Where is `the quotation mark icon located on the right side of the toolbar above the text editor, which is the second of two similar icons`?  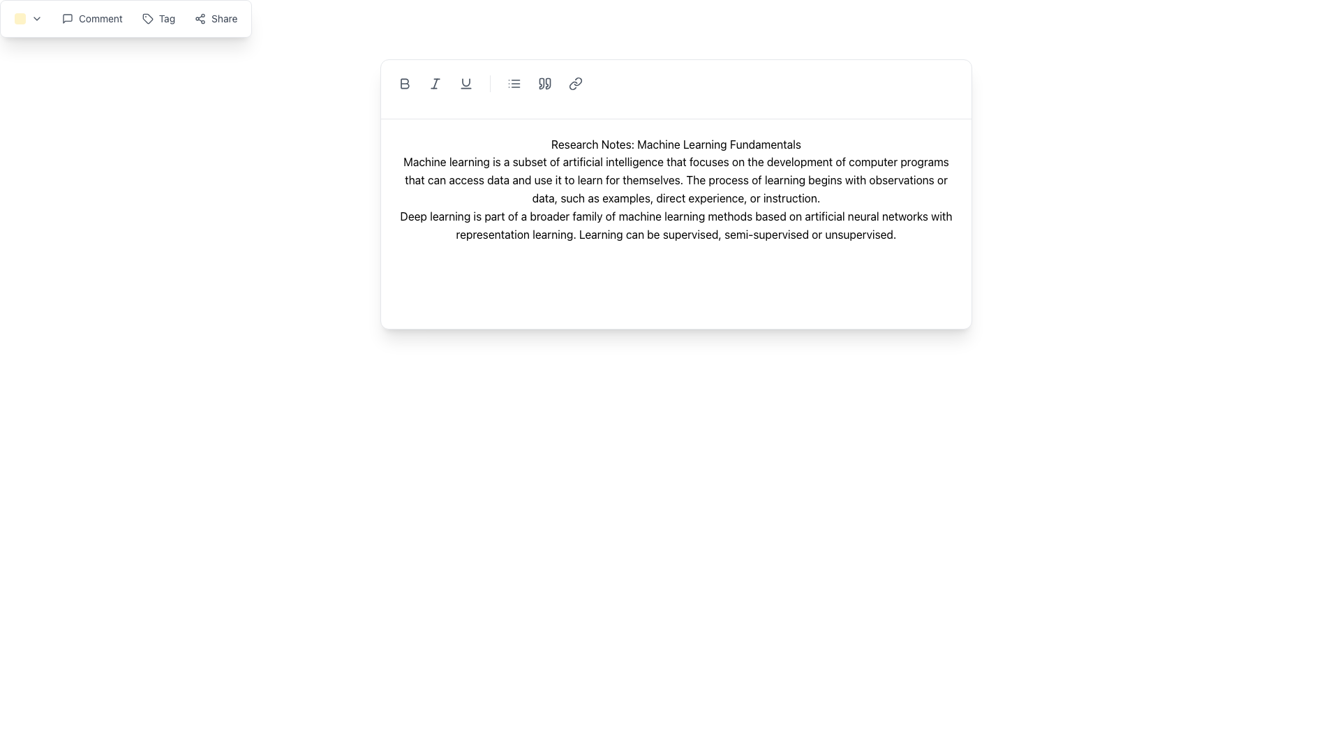 the quotation mark icon located on the right side of the toolbar above the text editor, which is the second of two similar icons is located at coordinates (547, 83).